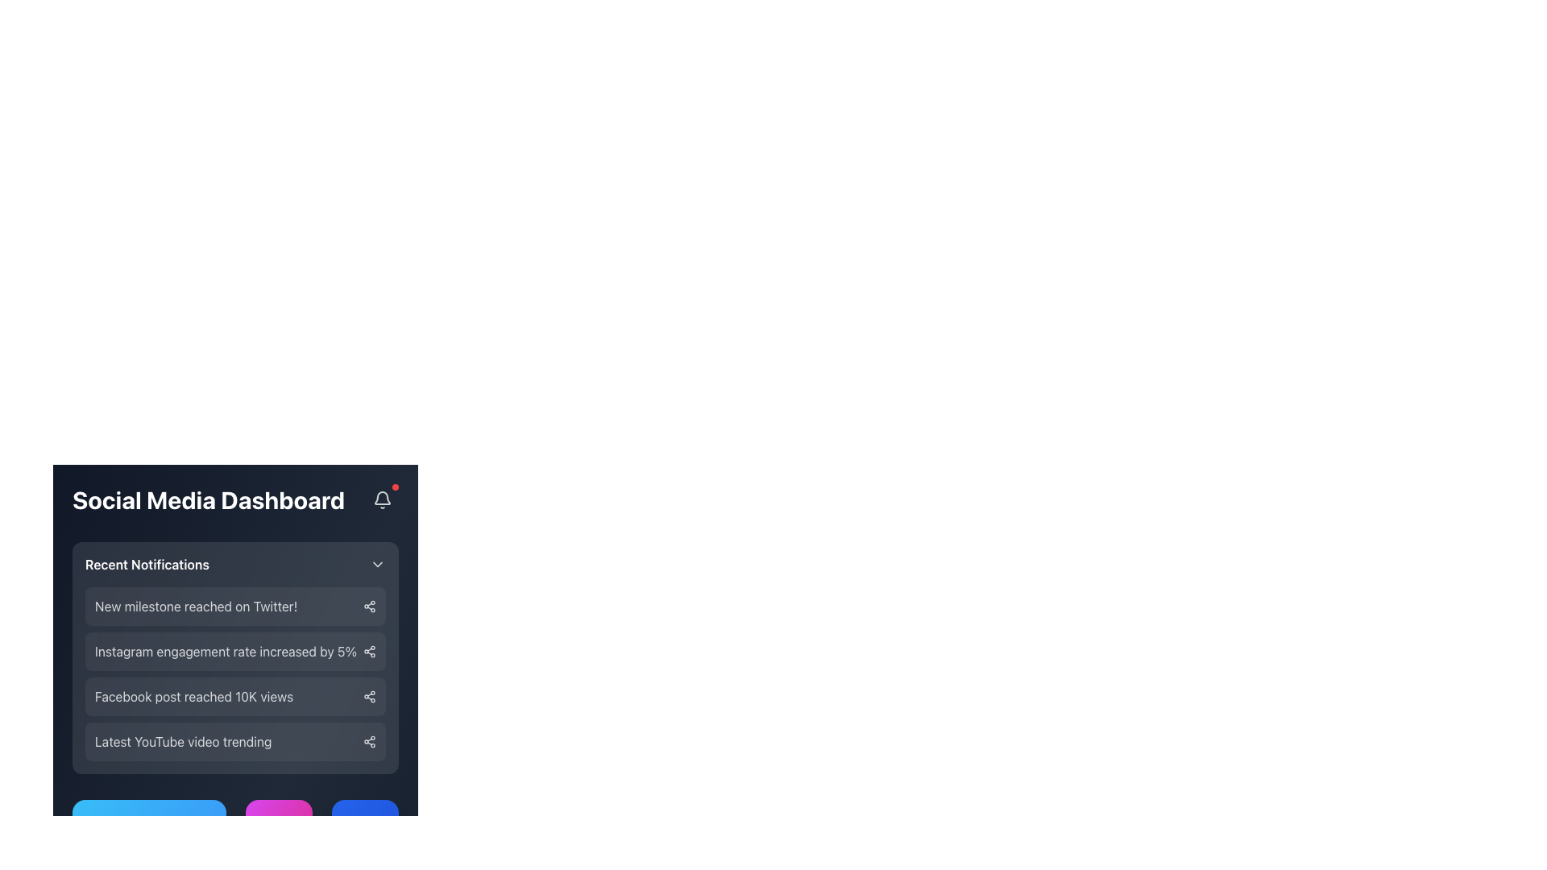  I want to click on the 'Recent Notifications' static text, which is styled in larger, bold, white font and located in the header section of the notifications area on the dashboard, so click(147, 564).